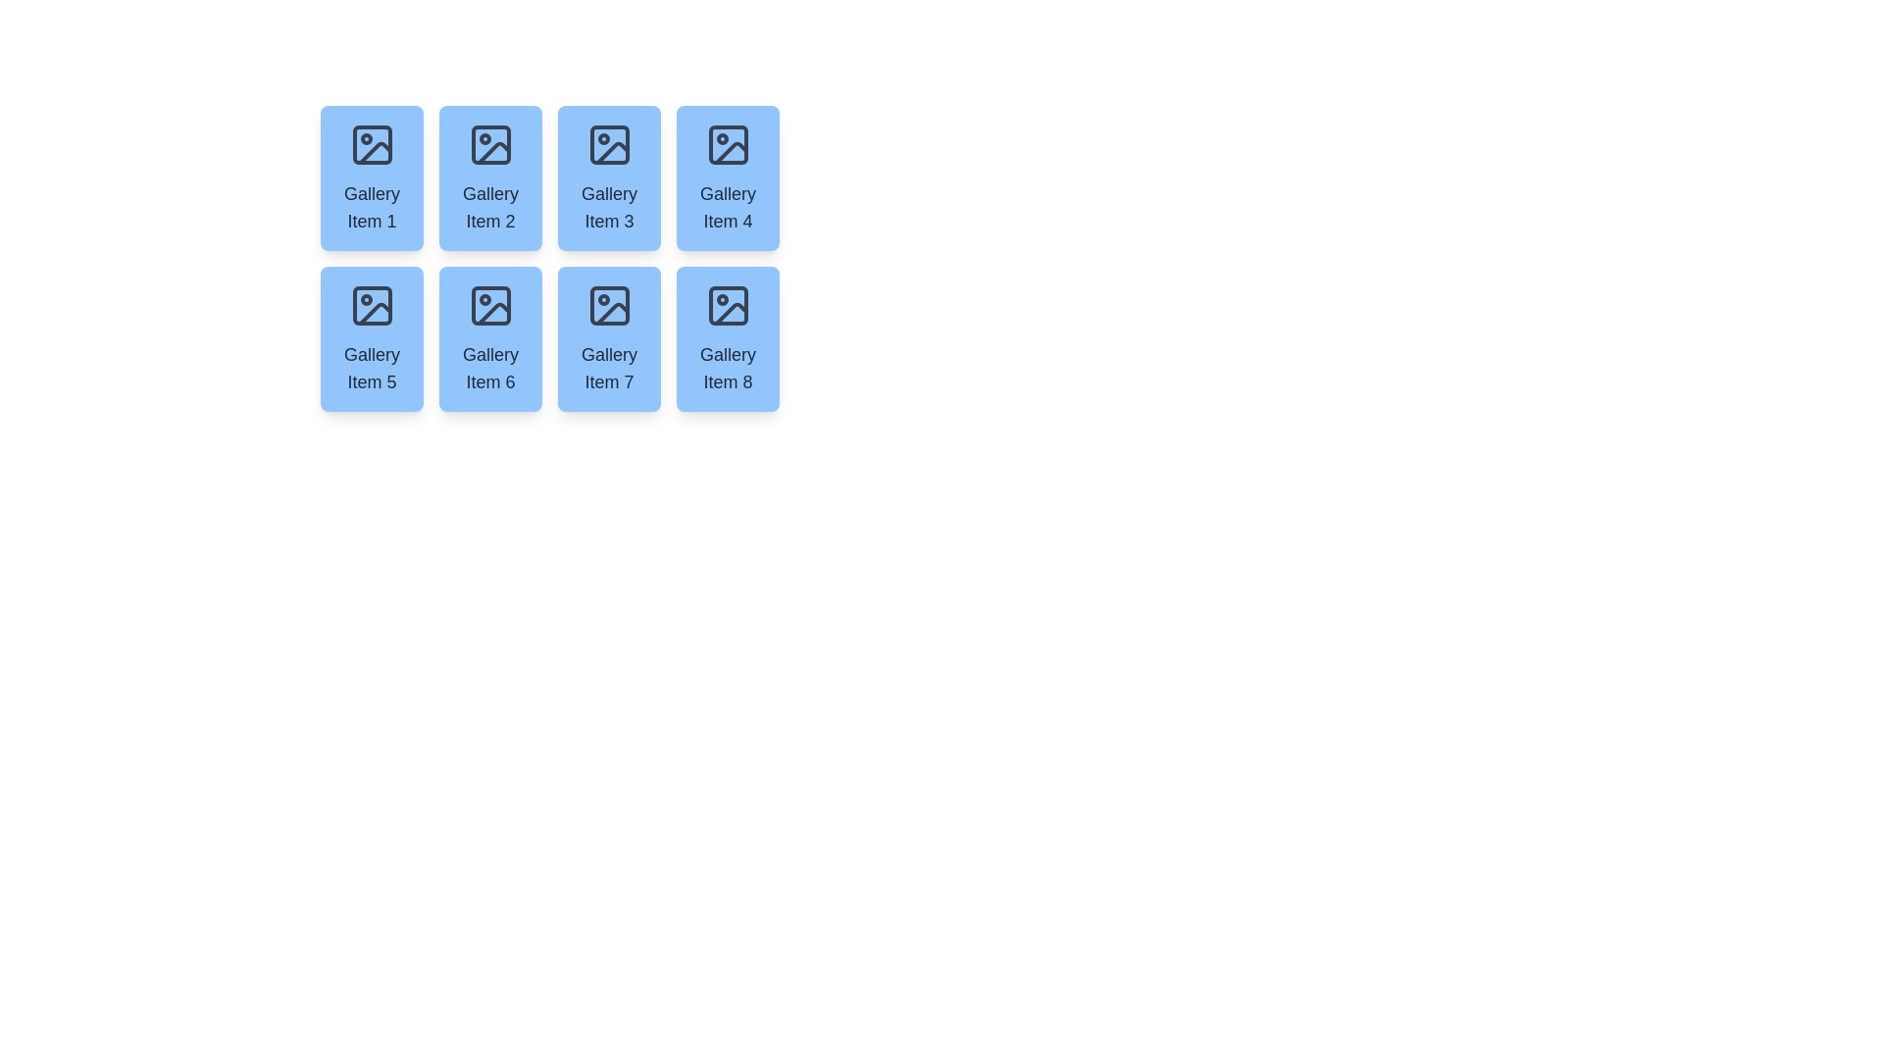 This screenshot has height=1059, width=1883. Describe the element at coordinates (608, 177) in the screenshot. I see `the static display card located in the top row, third position from the left in the gallery grid` at that location.